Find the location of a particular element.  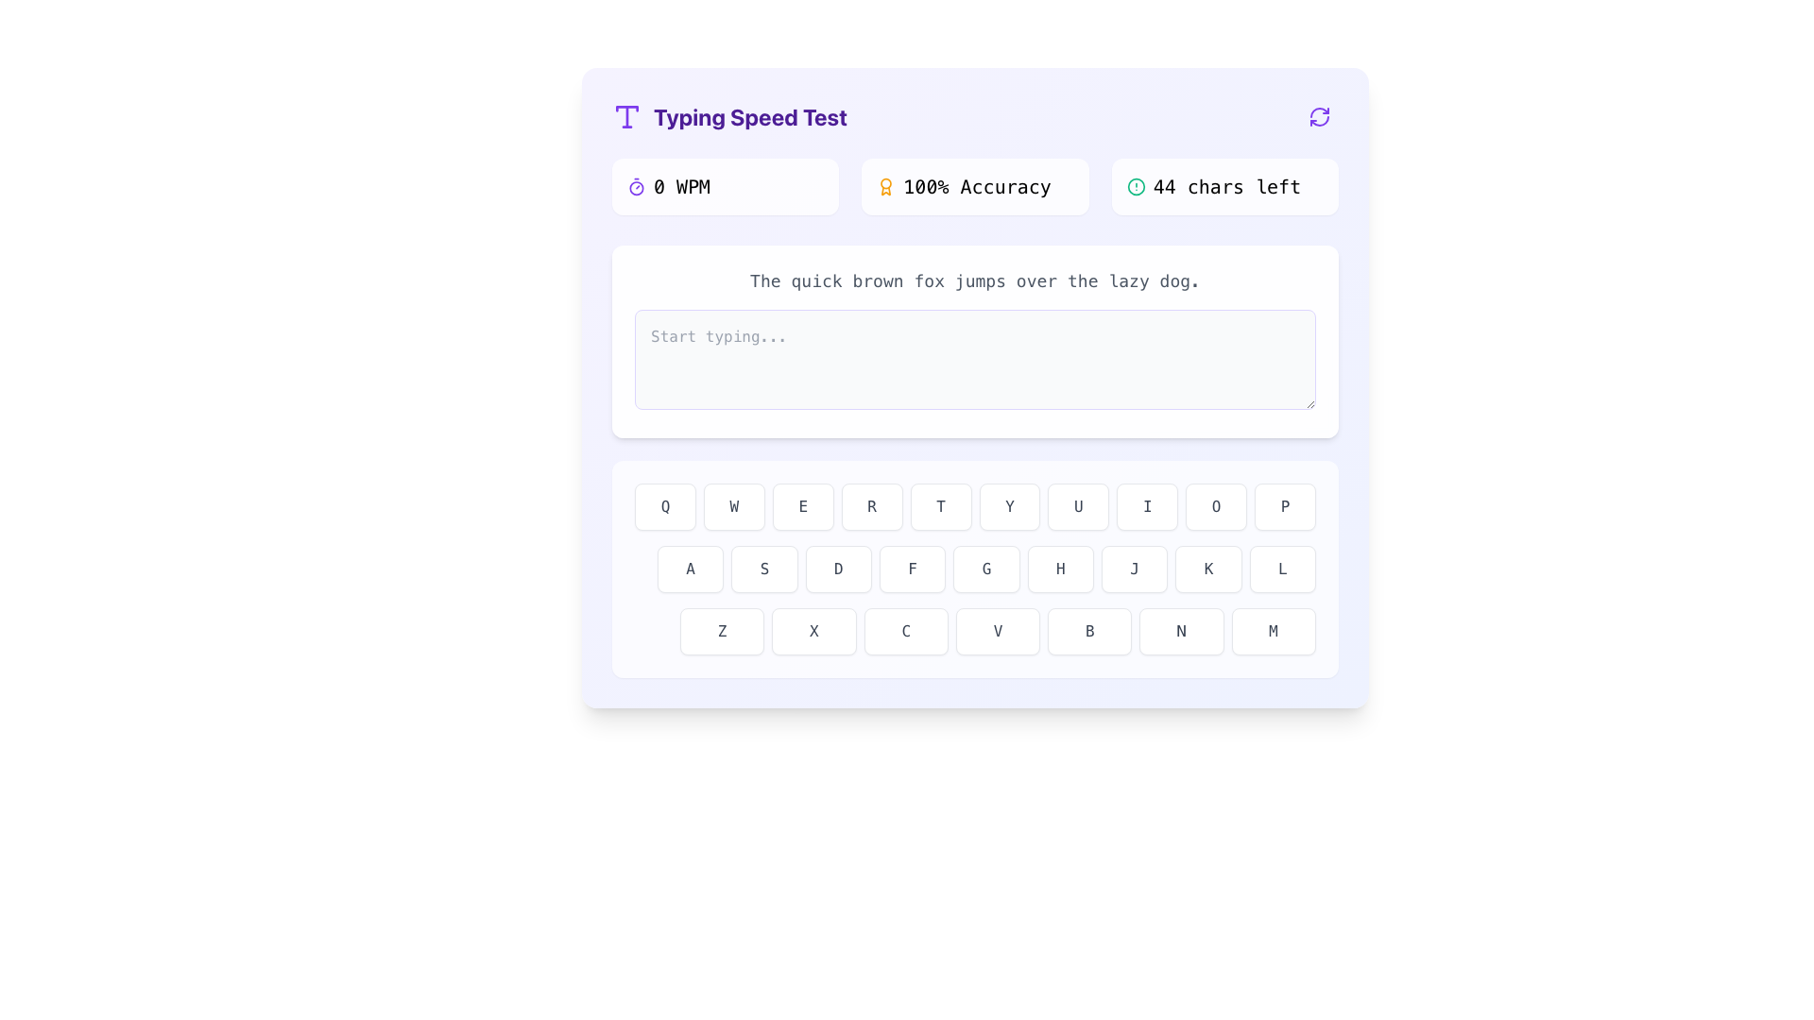

the circular component of the timer icon, which is part of the graphical representation indicating '0 WPM' in the typing test interface is located at coordinates (636, 188).